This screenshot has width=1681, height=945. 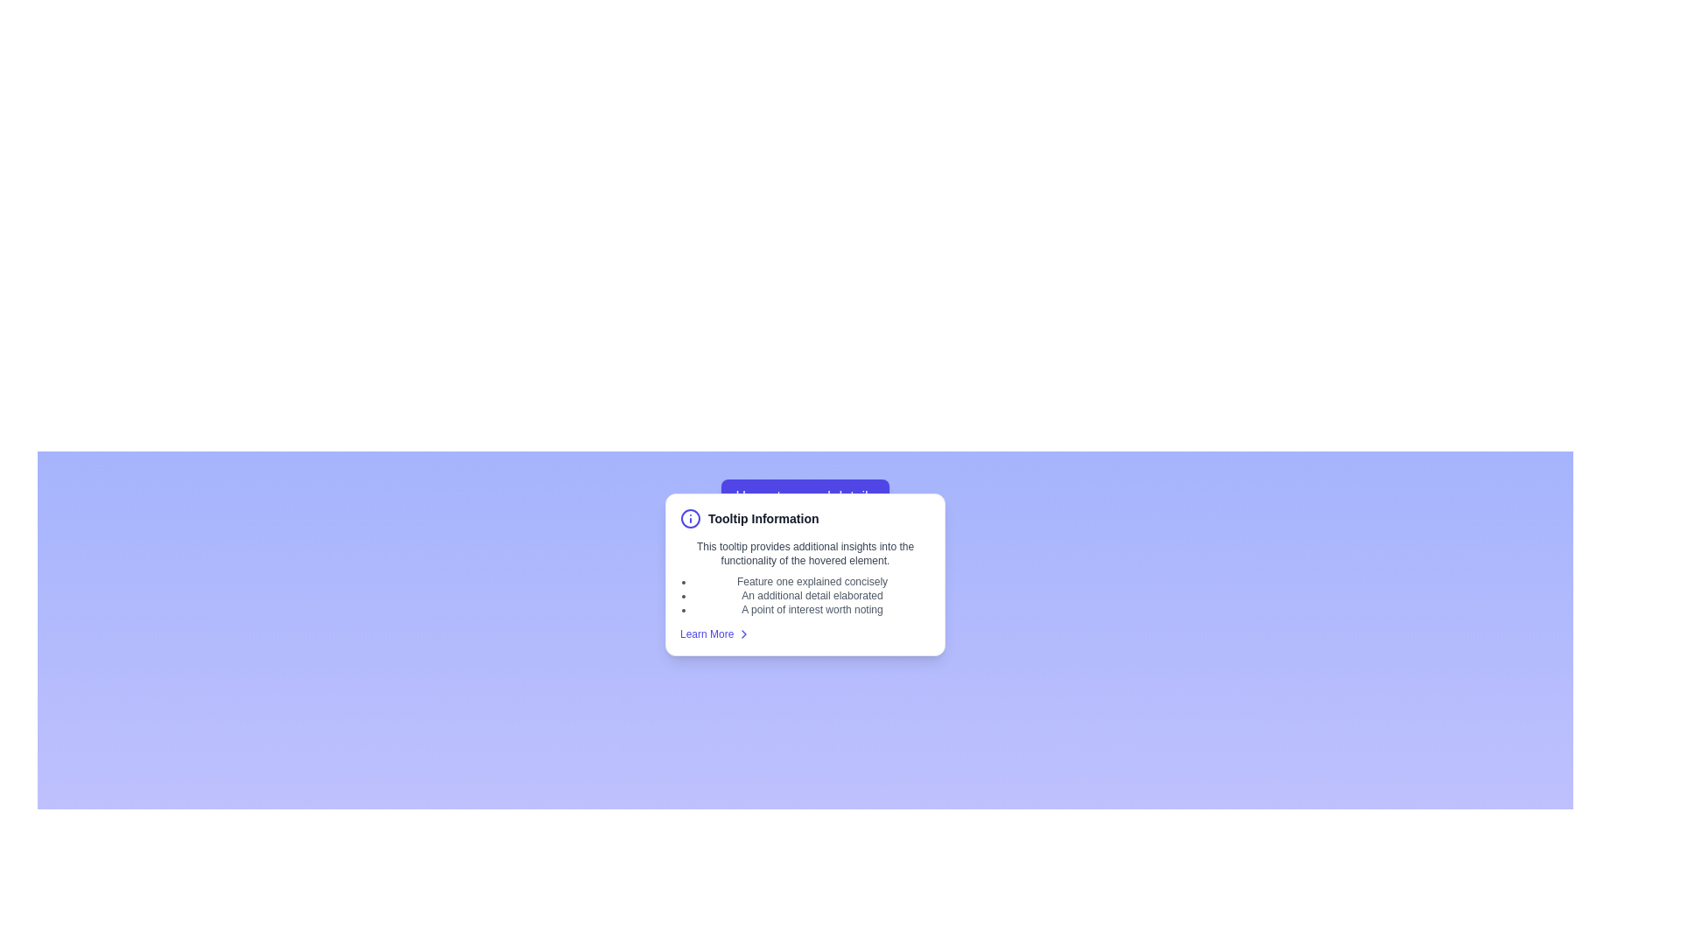 What do you see at coordinates (805, 496) in the screenshot?
I see `the button that triggers the display of contextual information, located above the tooltip box` at bounding box center [805, 496].